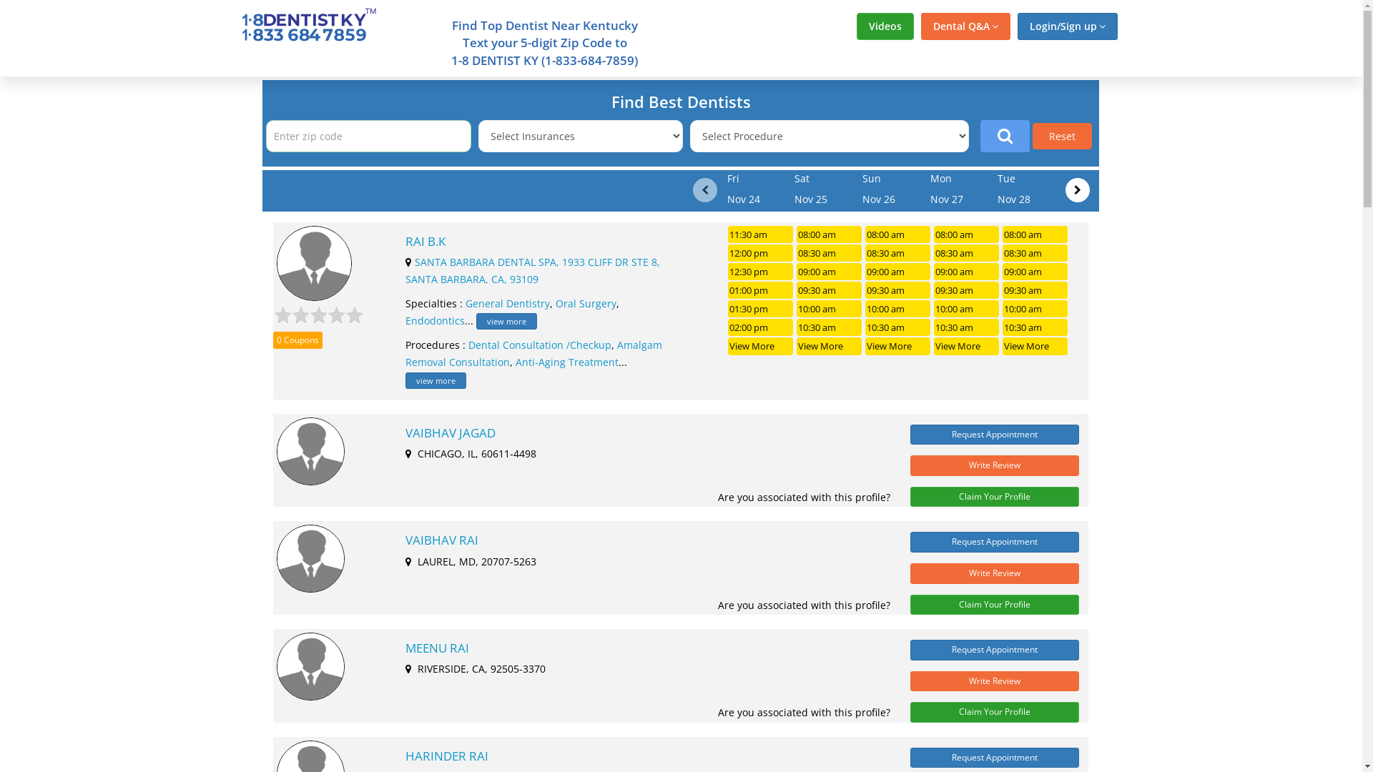 This screenshot has width=1373, height=772. I want to click on '09:00 am', so click(897, 272).